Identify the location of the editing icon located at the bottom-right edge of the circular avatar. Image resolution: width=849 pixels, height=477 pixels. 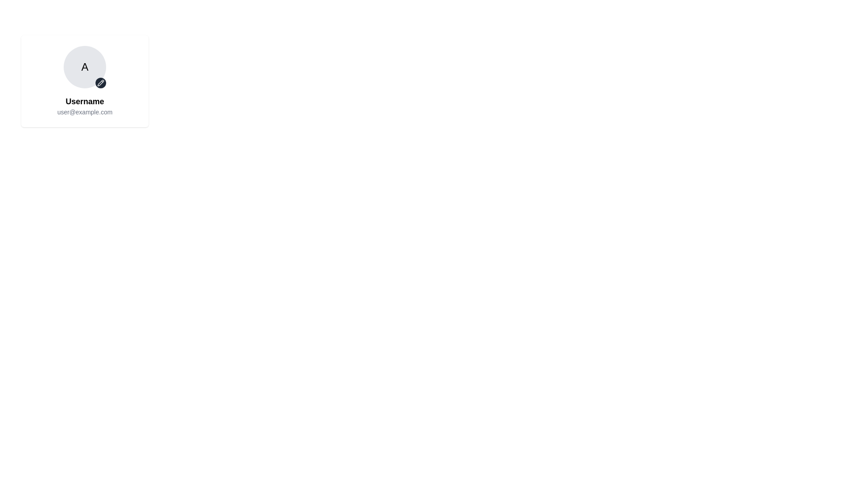
(100, 83).